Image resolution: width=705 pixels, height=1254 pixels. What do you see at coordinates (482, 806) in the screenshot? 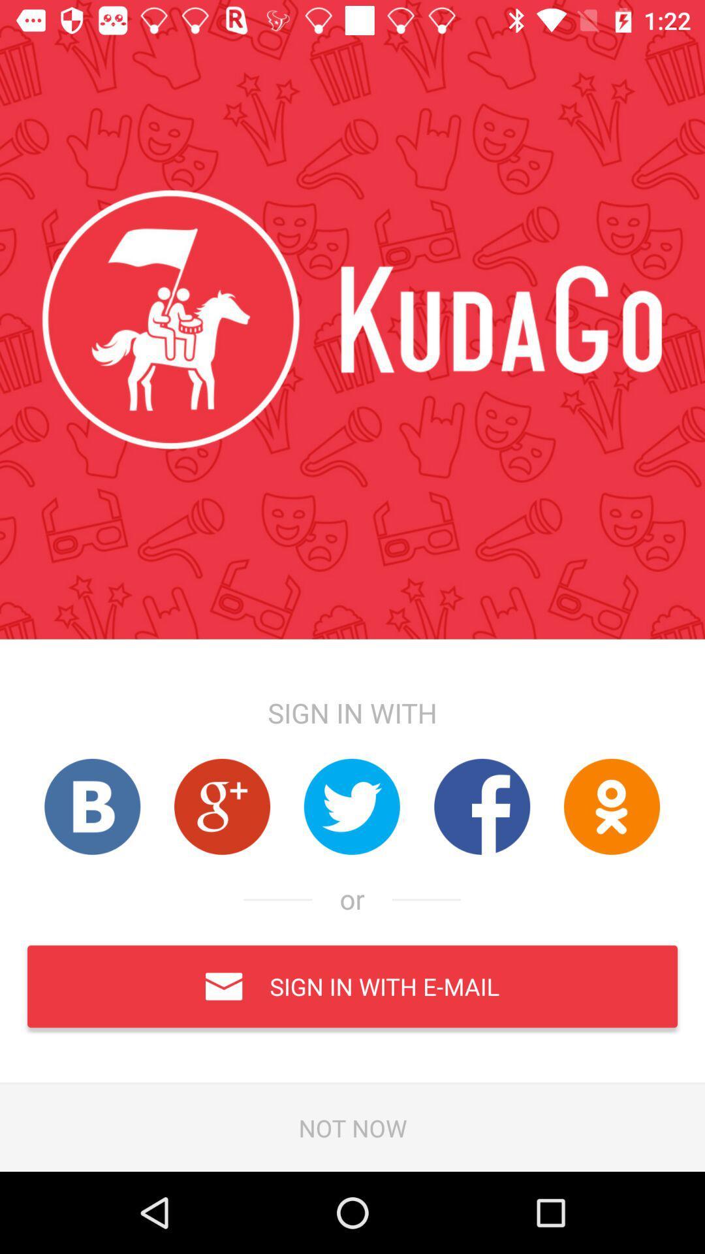
I see `the facebook icon` at bounding box center [482, 806].